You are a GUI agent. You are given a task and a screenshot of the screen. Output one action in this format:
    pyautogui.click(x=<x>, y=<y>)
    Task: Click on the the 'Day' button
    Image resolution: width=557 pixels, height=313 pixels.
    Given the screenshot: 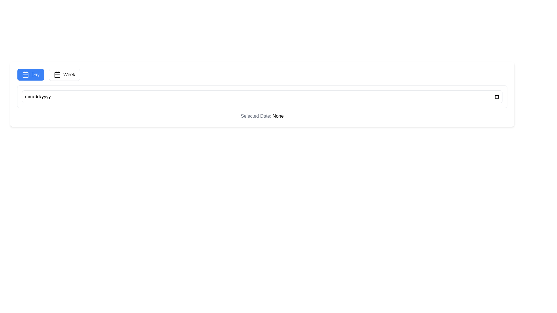 What is the action you would take?
    pyautogui.click(x=30, y=74)
    